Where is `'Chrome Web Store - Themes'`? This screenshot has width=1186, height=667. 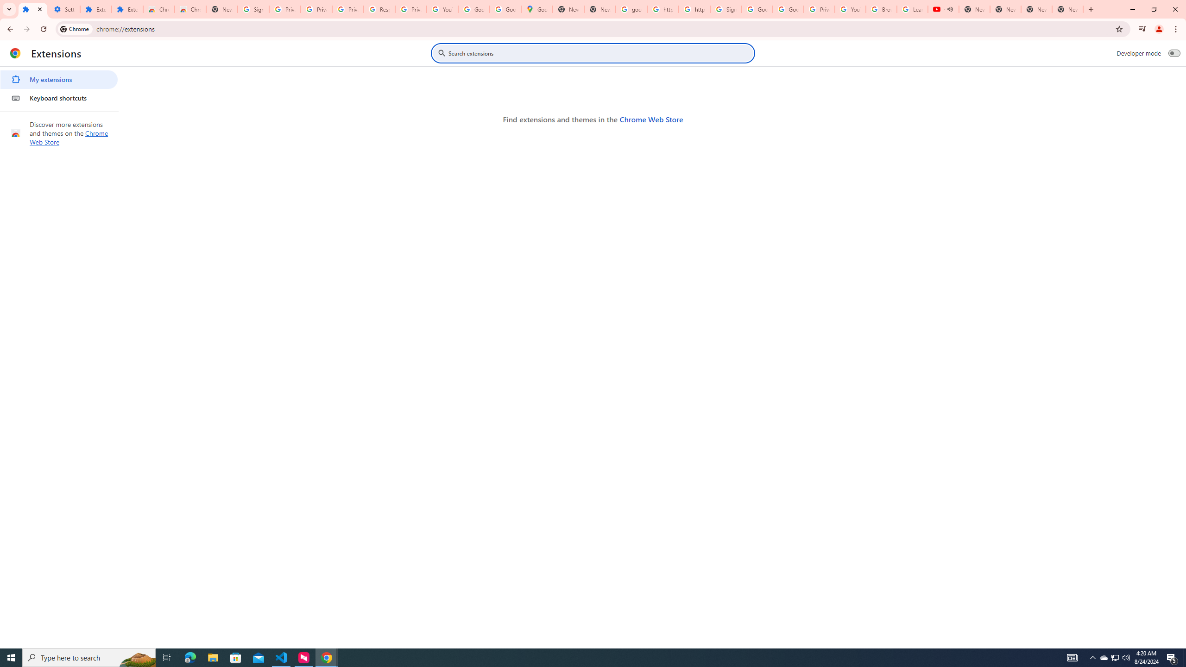
'Chrome Web Store - Themes' is located at coordinates (189, 9).